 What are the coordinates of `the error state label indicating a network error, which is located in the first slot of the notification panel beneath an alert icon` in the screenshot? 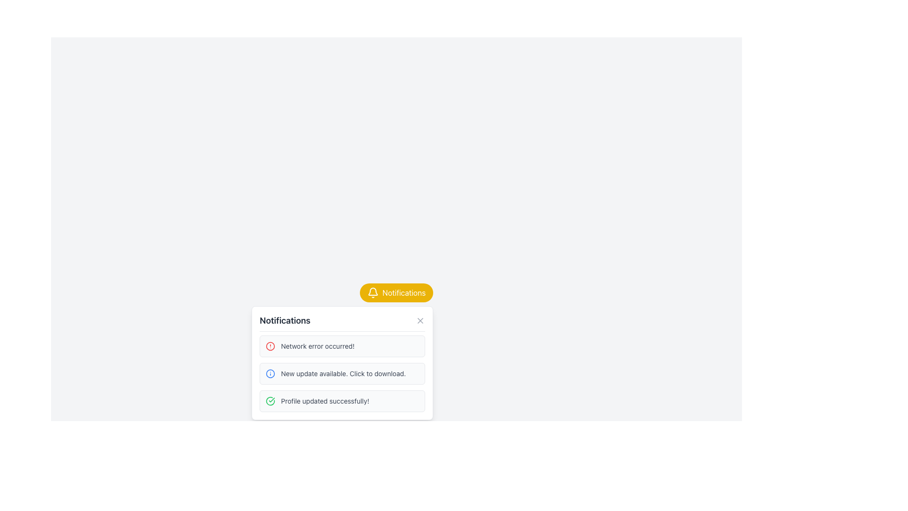 It's located at (318, 346).